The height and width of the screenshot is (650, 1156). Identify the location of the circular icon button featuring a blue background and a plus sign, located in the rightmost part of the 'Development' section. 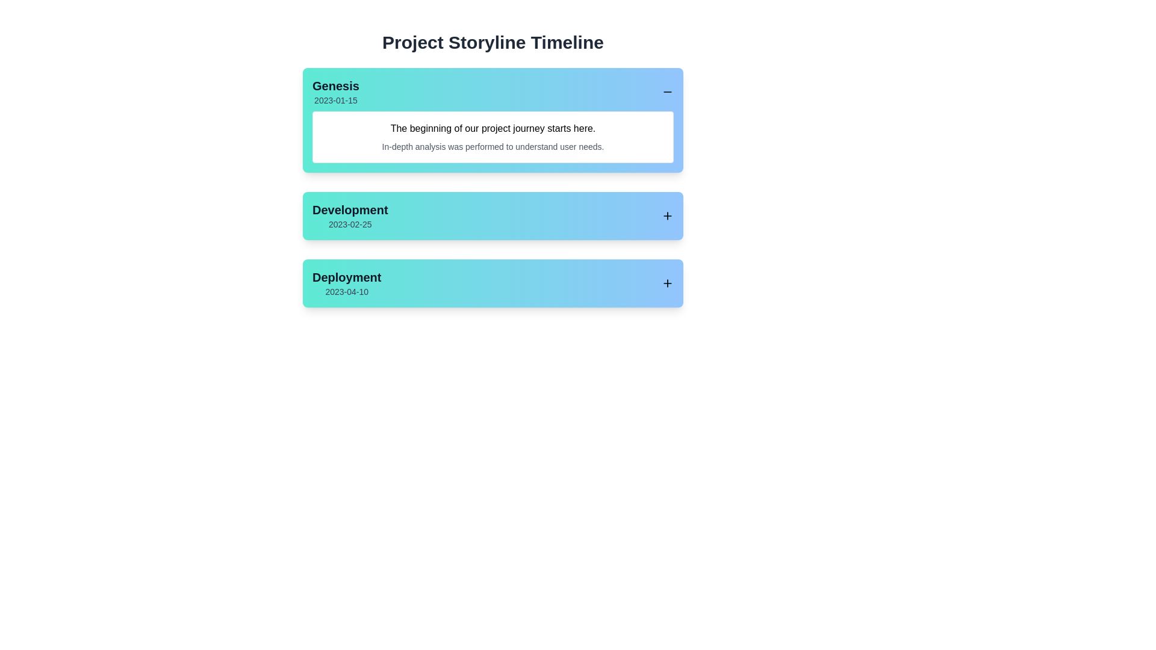
(667, 215).